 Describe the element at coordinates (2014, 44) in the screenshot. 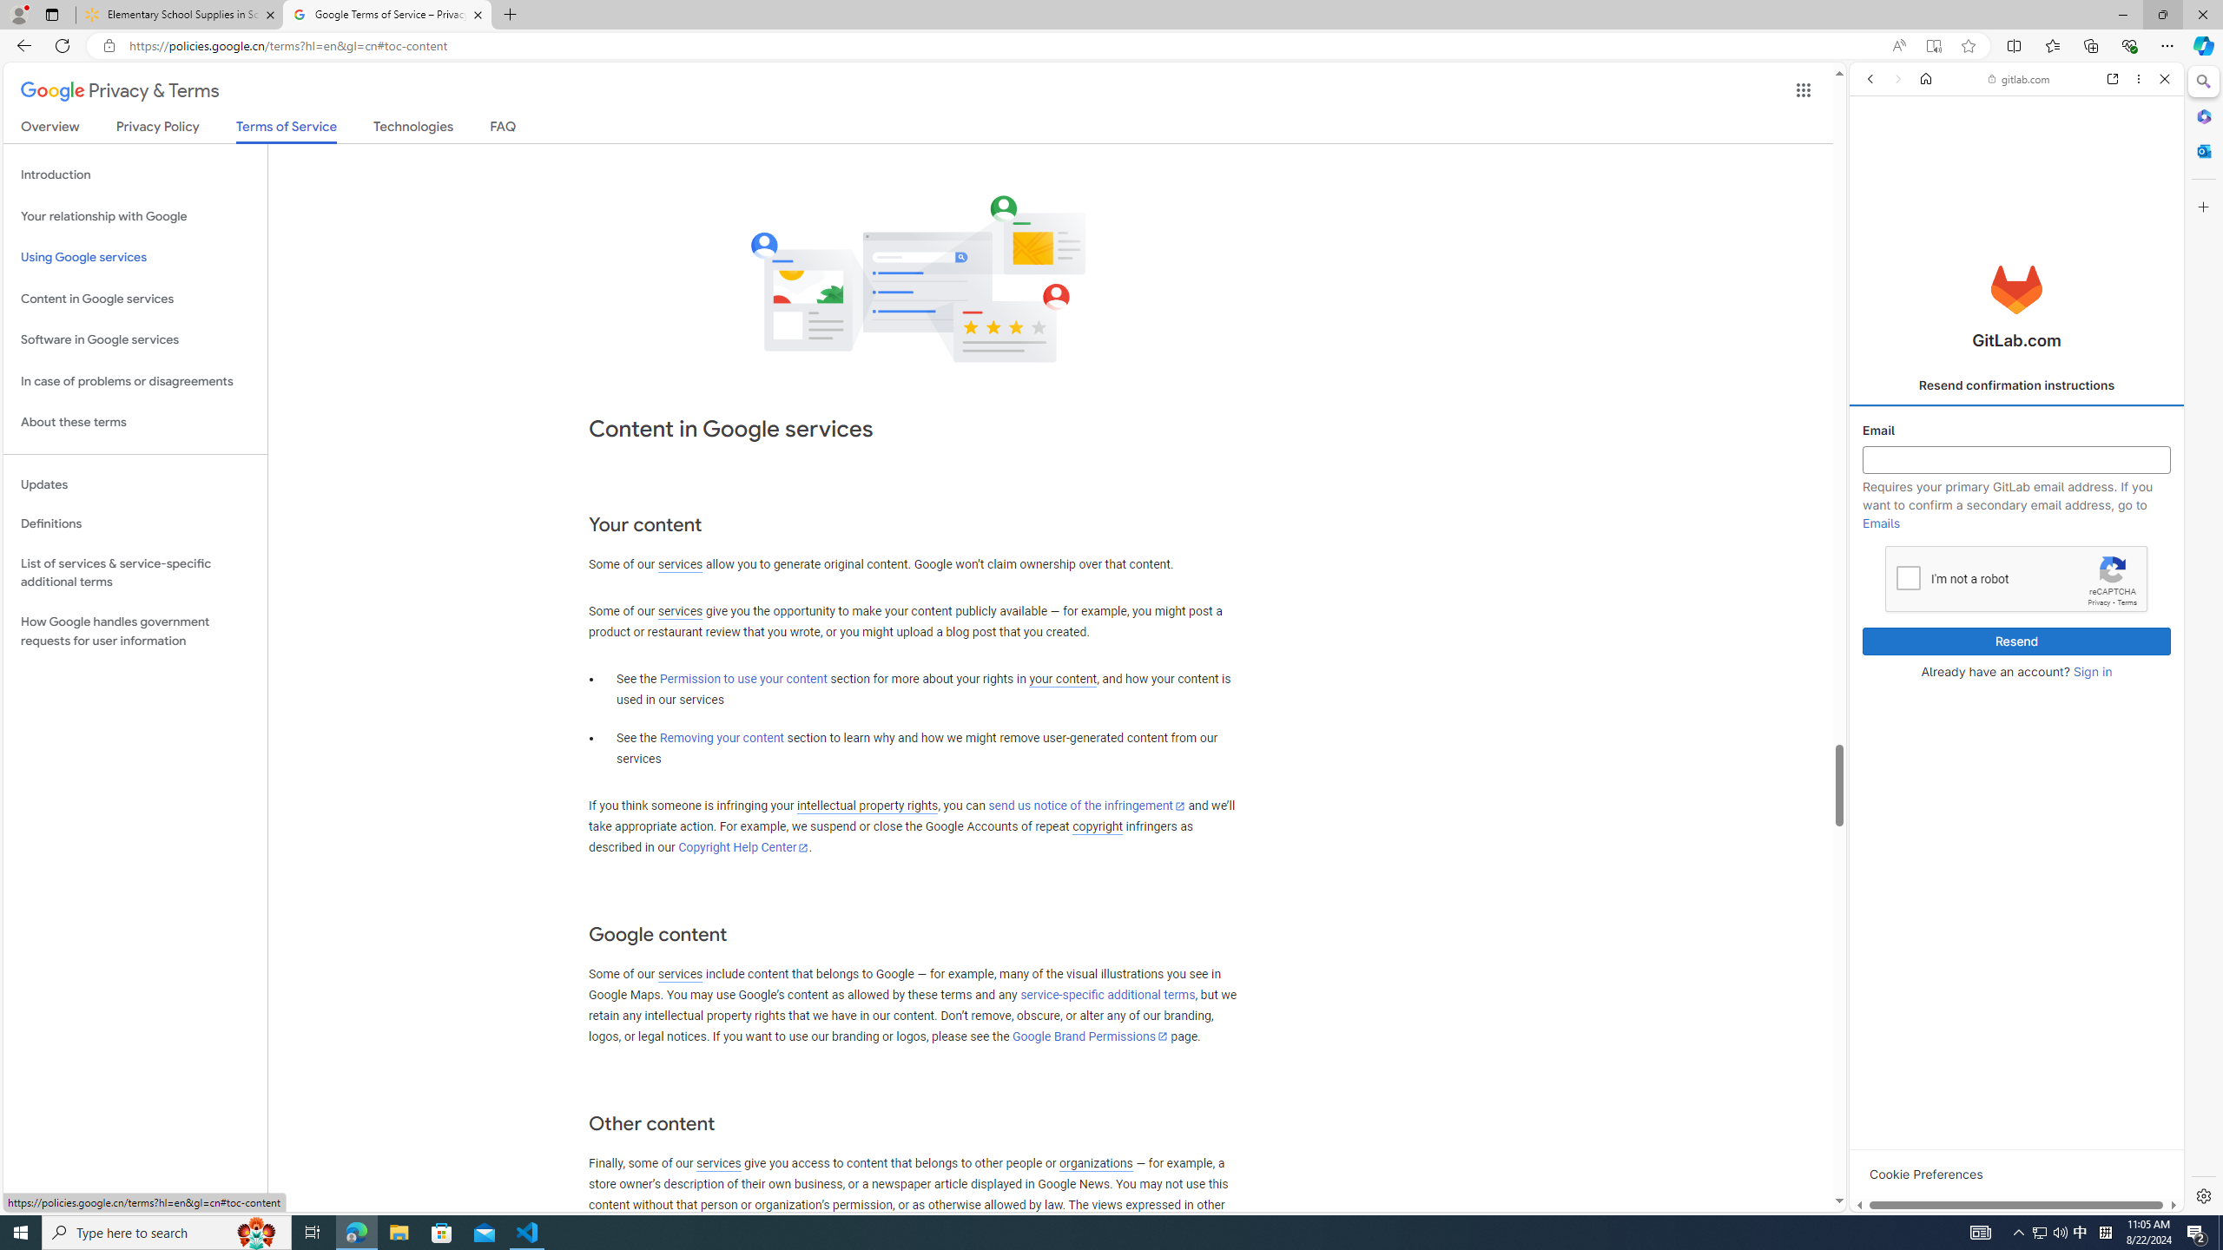

I see `'Split screen'` at that location.